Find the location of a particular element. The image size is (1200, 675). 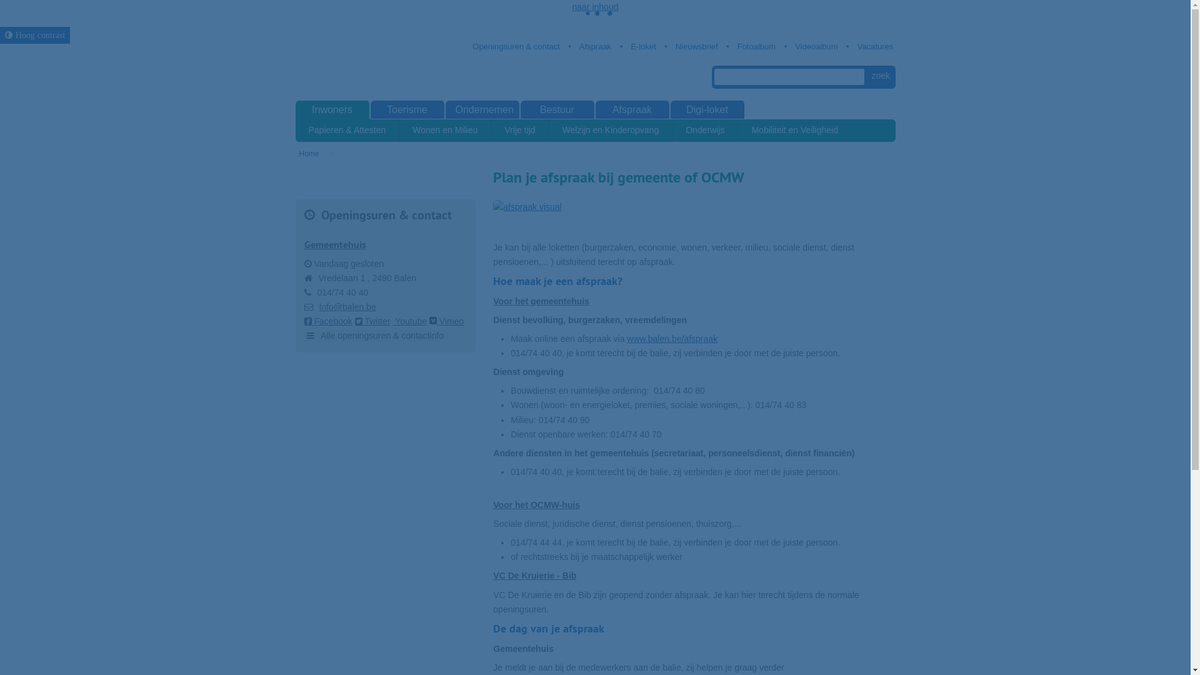

'Vrije tijd' is located at coordinates (519, 130).